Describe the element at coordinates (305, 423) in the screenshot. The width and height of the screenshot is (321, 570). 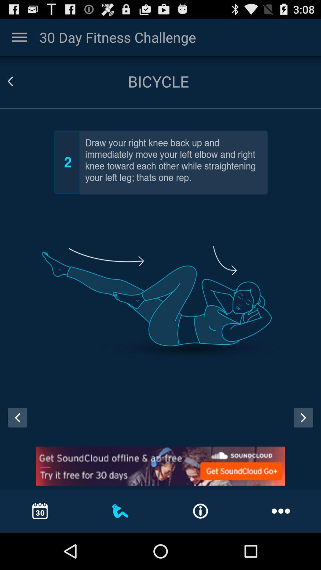
I see `next` at that location.